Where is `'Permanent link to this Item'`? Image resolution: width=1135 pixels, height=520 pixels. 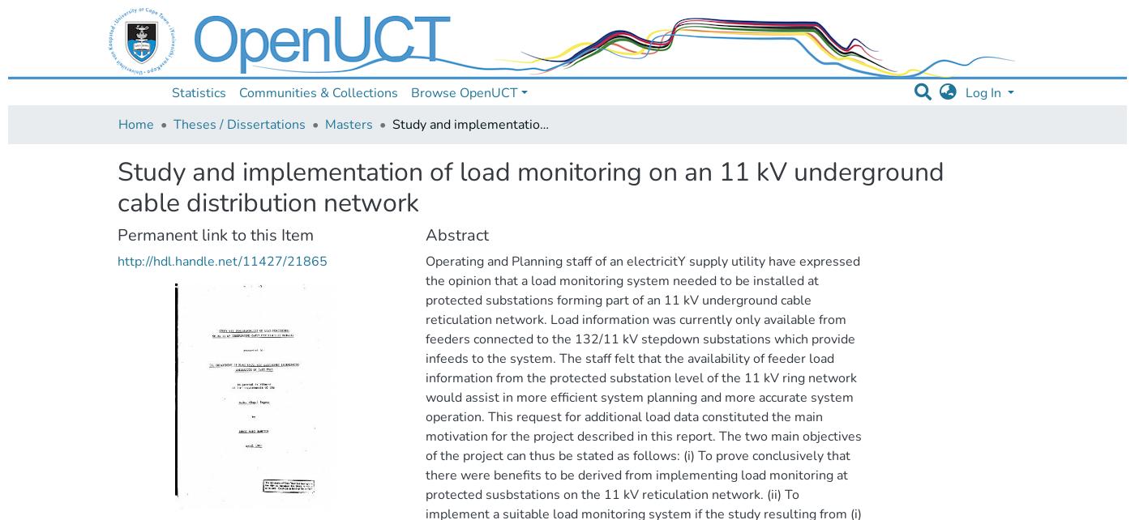
'Permanent link to this Item' is located at coordinates (216, 233).